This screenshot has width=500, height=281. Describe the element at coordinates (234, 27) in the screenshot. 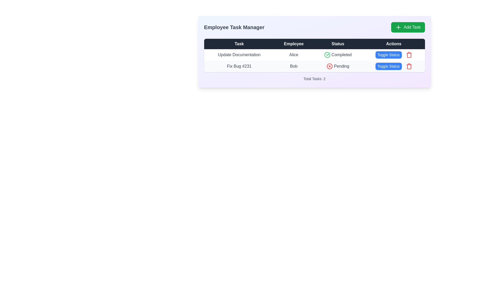

I see `the 'Employee Task Manager' text element, which is prominently displayed in the header section with a bold and large font, located to the left of the 'Add Task' button` at that location.